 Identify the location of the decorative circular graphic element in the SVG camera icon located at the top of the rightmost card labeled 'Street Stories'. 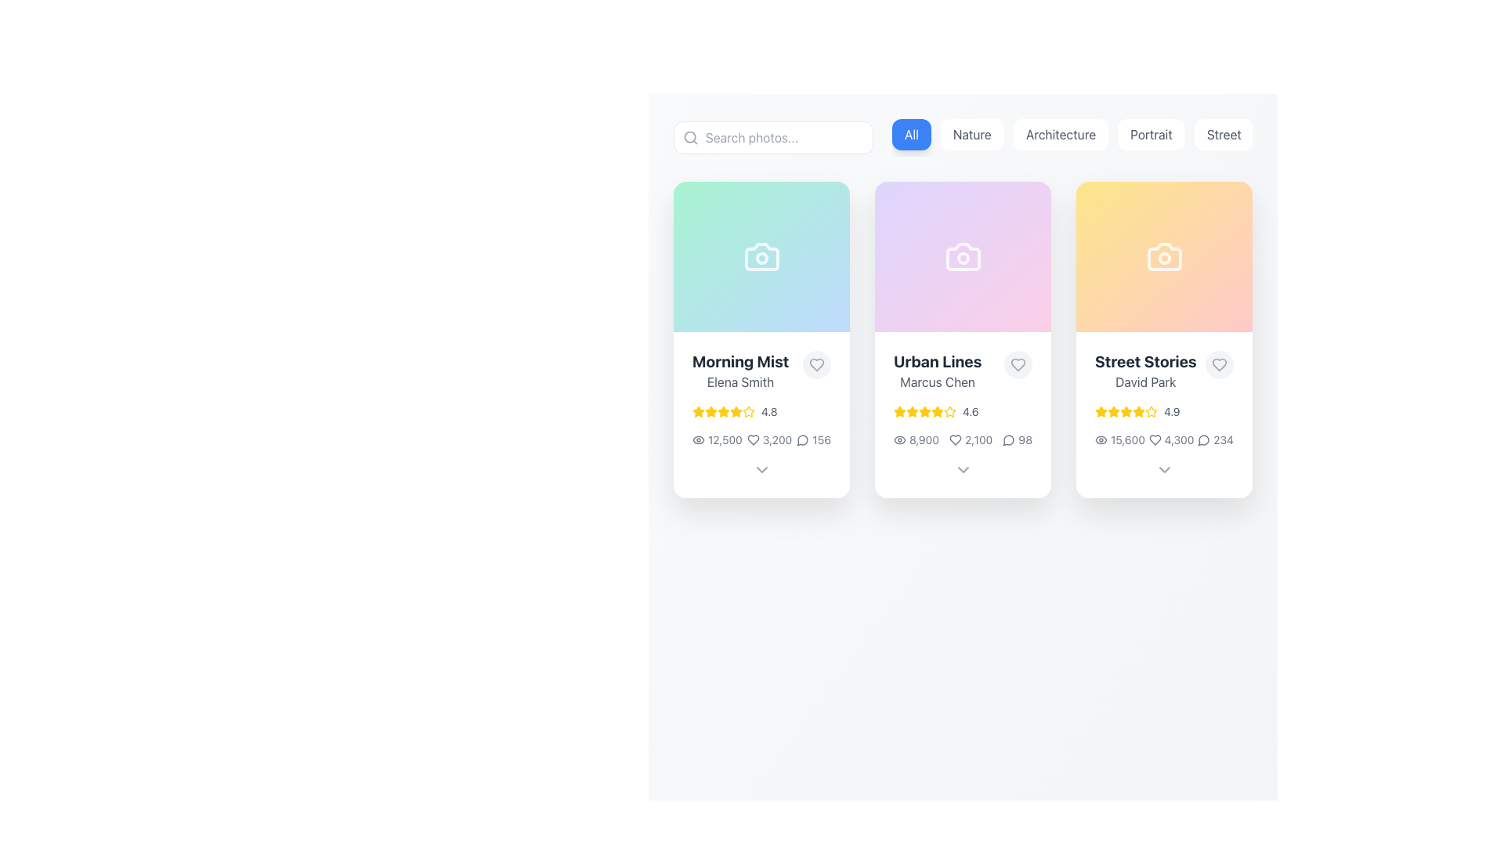
(1164, 258).